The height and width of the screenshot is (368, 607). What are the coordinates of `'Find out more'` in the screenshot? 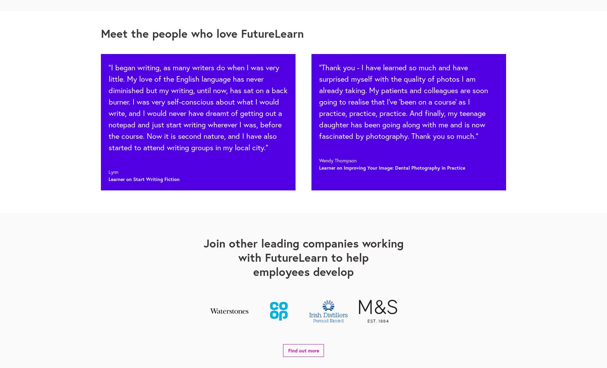 It's located at (288, 350).